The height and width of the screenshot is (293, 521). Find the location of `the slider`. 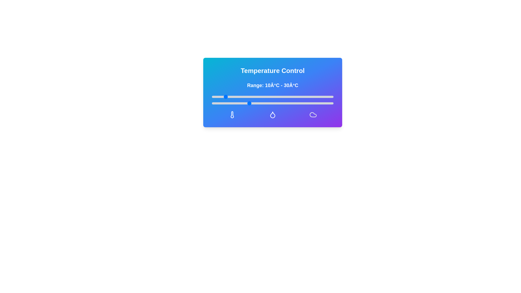

the slider is located at coordinates (239, 103).